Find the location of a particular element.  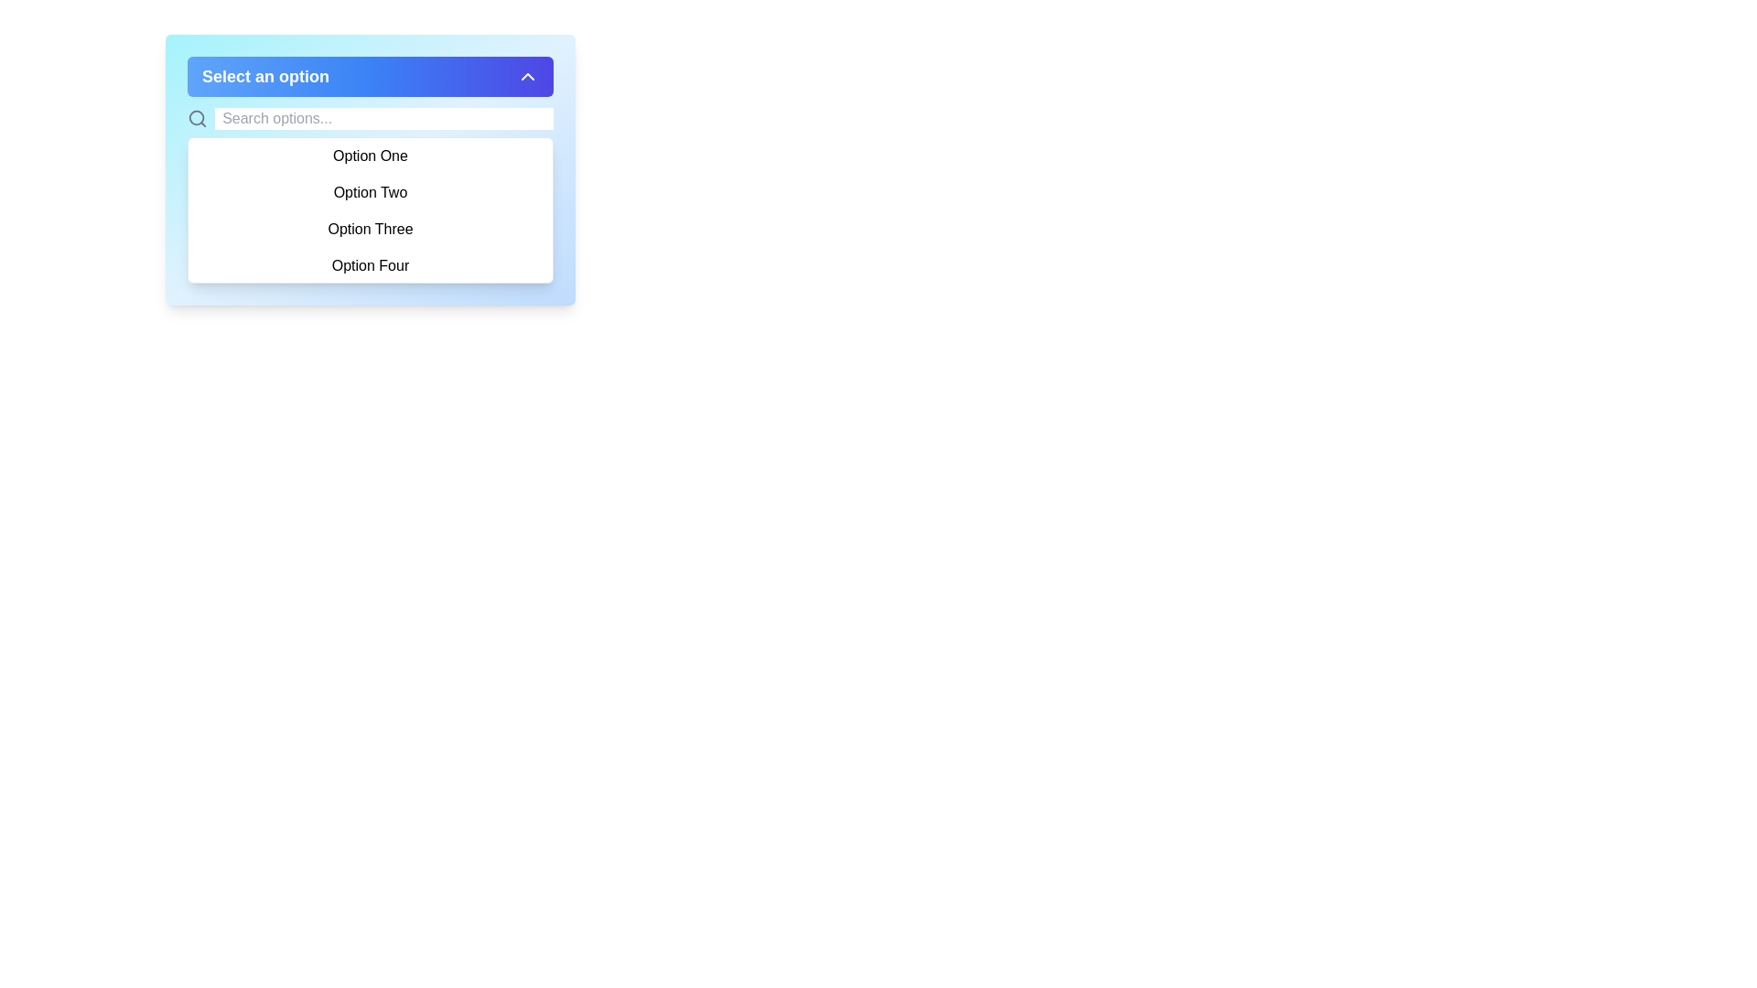

to select the 'Option Two' from the dropdown menu, which is the second option in the list is located at coordinates (369, 193).